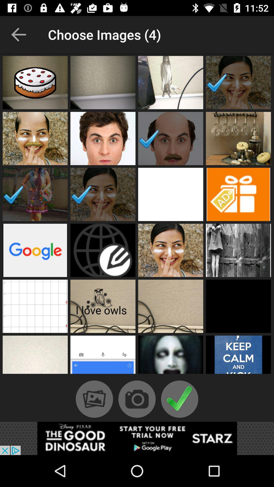 Image resolution: width=274 pixels, height=487 pixels. What do you see at coordinates (170, 250) in the screenshot?
I see `image` at bounding box center [170, 250].